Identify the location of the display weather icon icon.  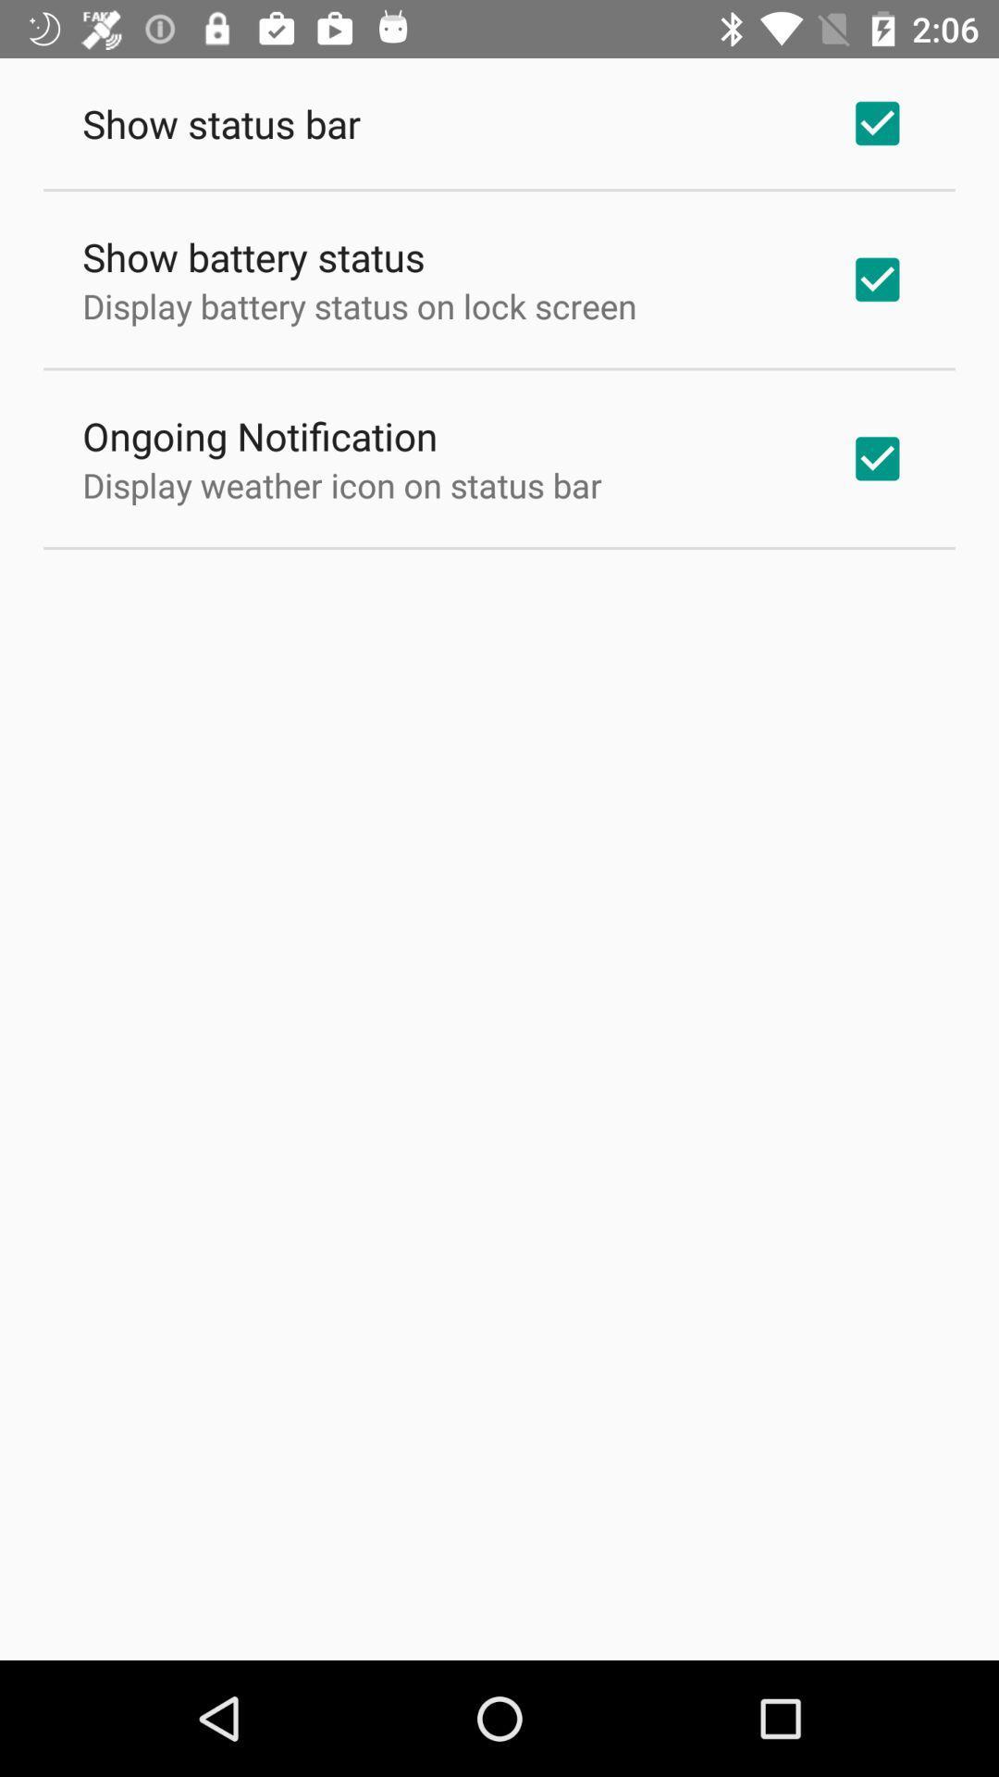
(342, 485).